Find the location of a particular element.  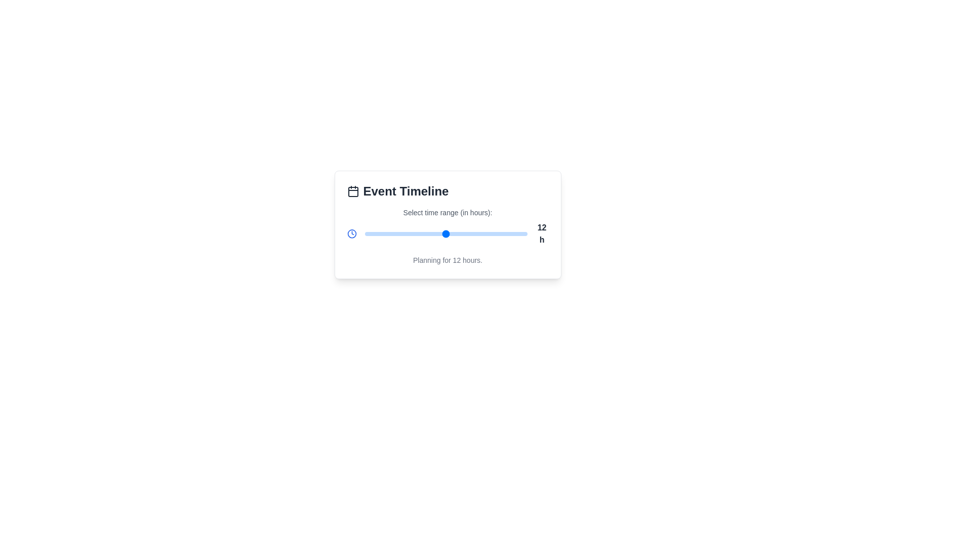

the timeline duration is located at coordinates (439, 234).